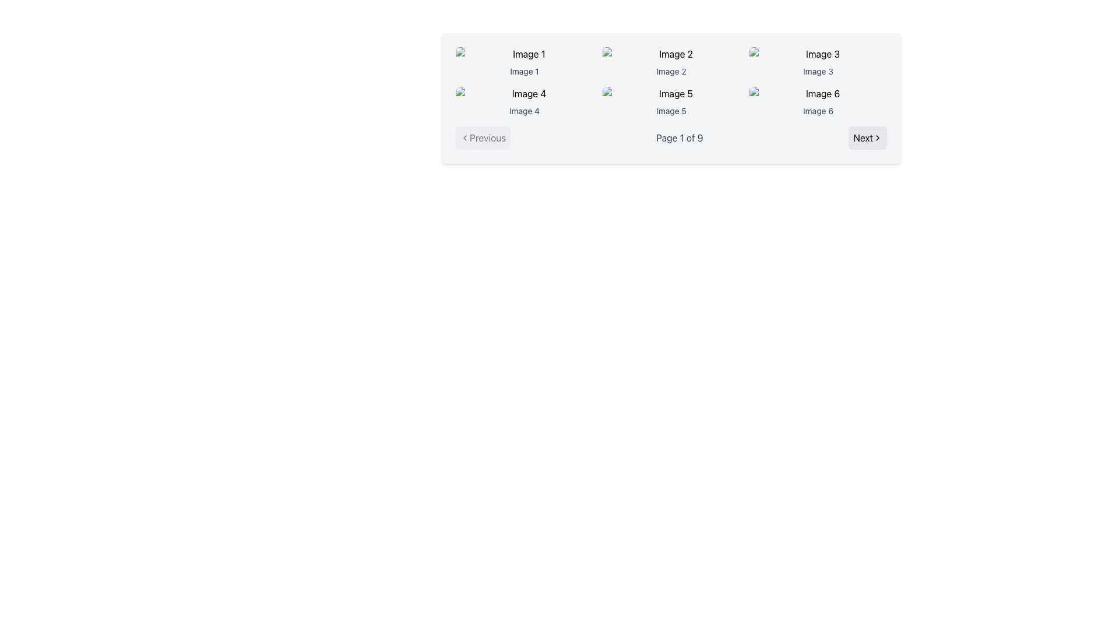 The width and height of the screenshot is (1119, 629). Describe the element at coordinates (523, 111) in the screenshot. I see `the Text Label for 'Image 4', which is positioned directly below its corresponding image preview in the second column of the grid layout` at that location.